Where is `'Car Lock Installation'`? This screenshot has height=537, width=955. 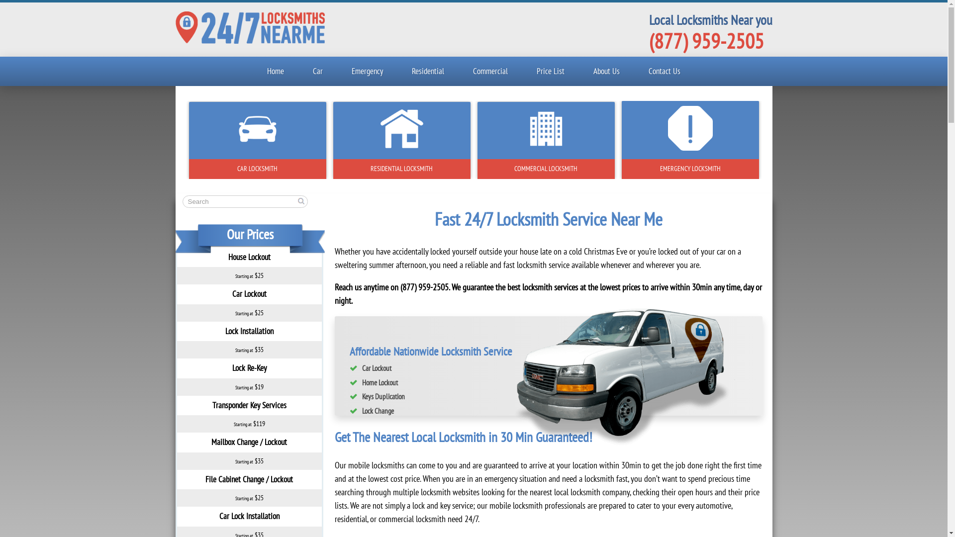
'Car Lock Installation' is located at coordinates (249, 515).